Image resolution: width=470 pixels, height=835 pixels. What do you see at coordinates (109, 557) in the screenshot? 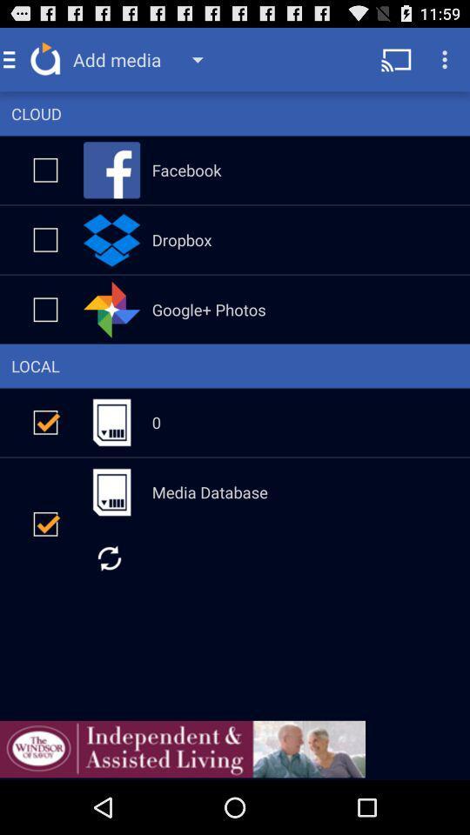
I see `reload button` at bounding box center [109, 557].